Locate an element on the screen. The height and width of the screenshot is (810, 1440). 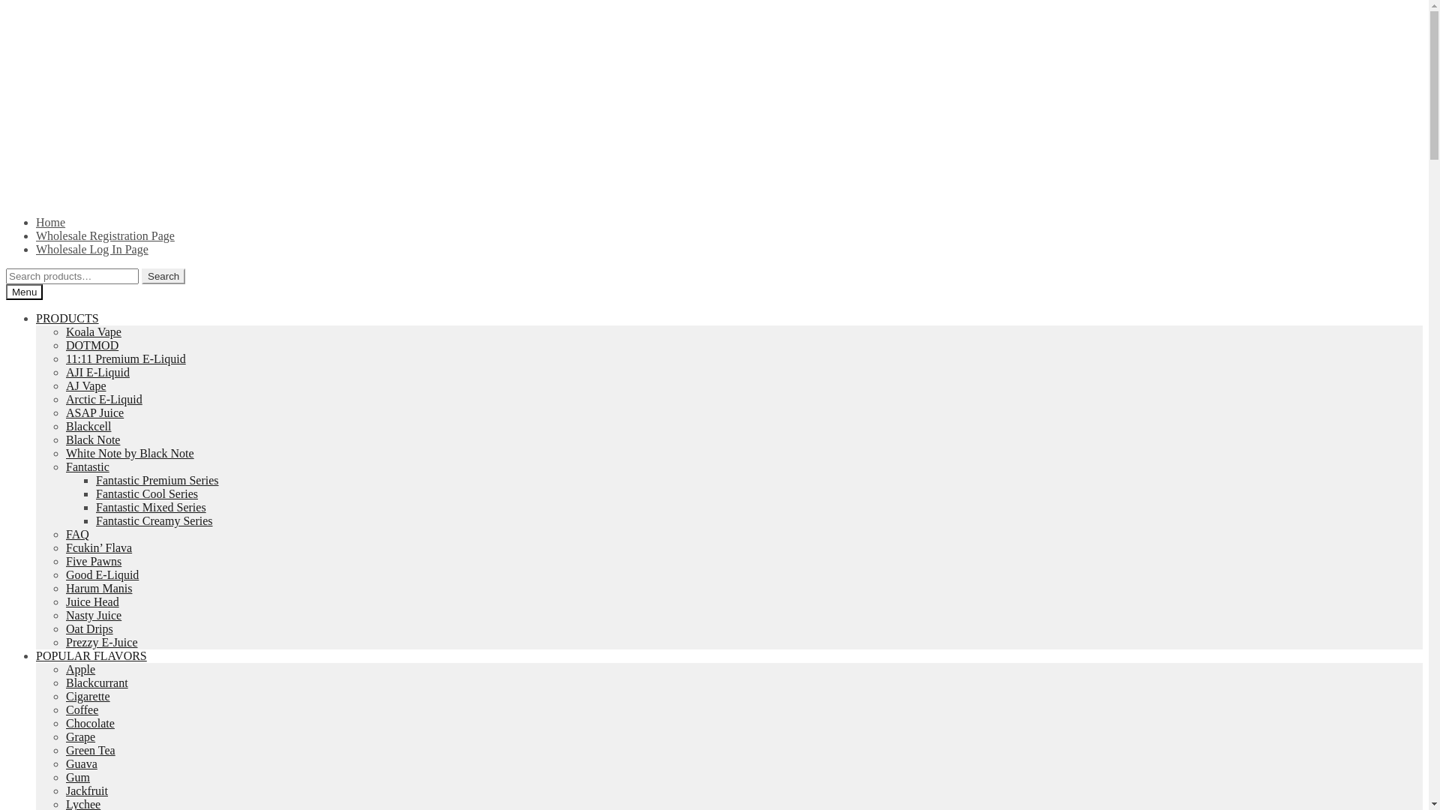
'Chocolate' is located at coordinates (89, 722).